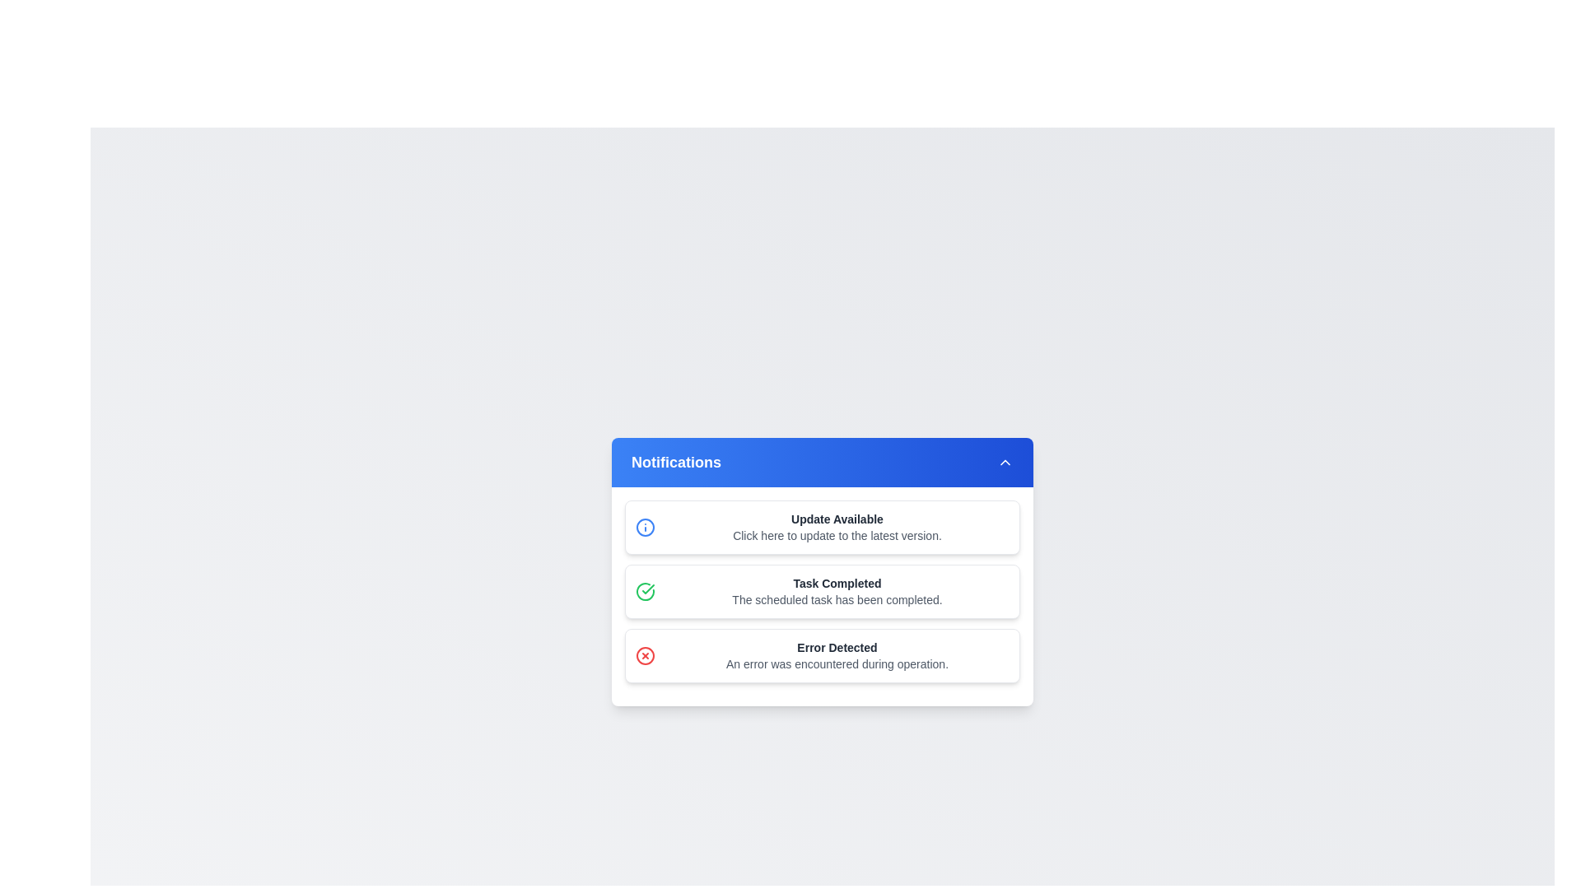 The image size is (1581, 889). What do you see at coordinates (1004, 463) in the screenshot?
I see `the chevron icon located in the top-right part of the header bar of the notification panel for additional visual feedback` at bounding box center [1004, 463].